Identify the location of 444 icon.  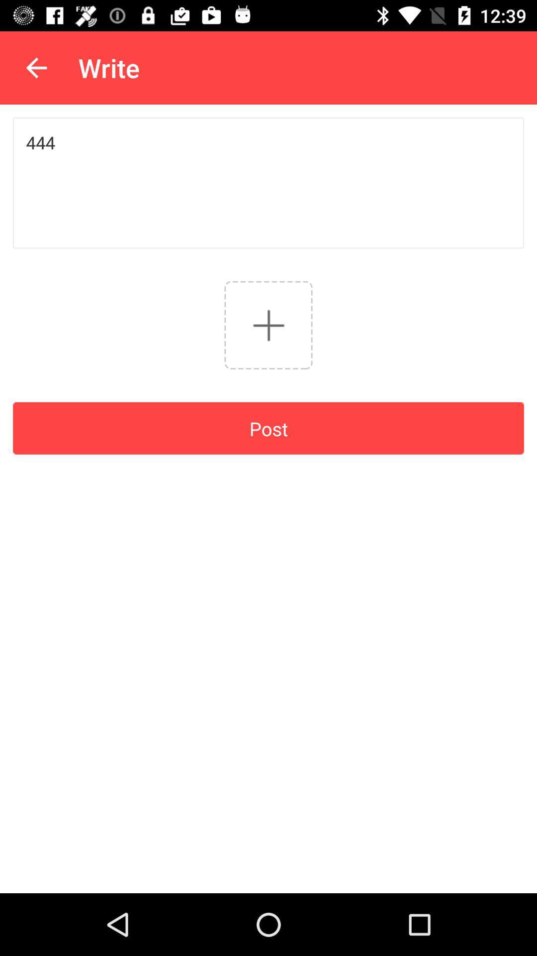
(268, 183).